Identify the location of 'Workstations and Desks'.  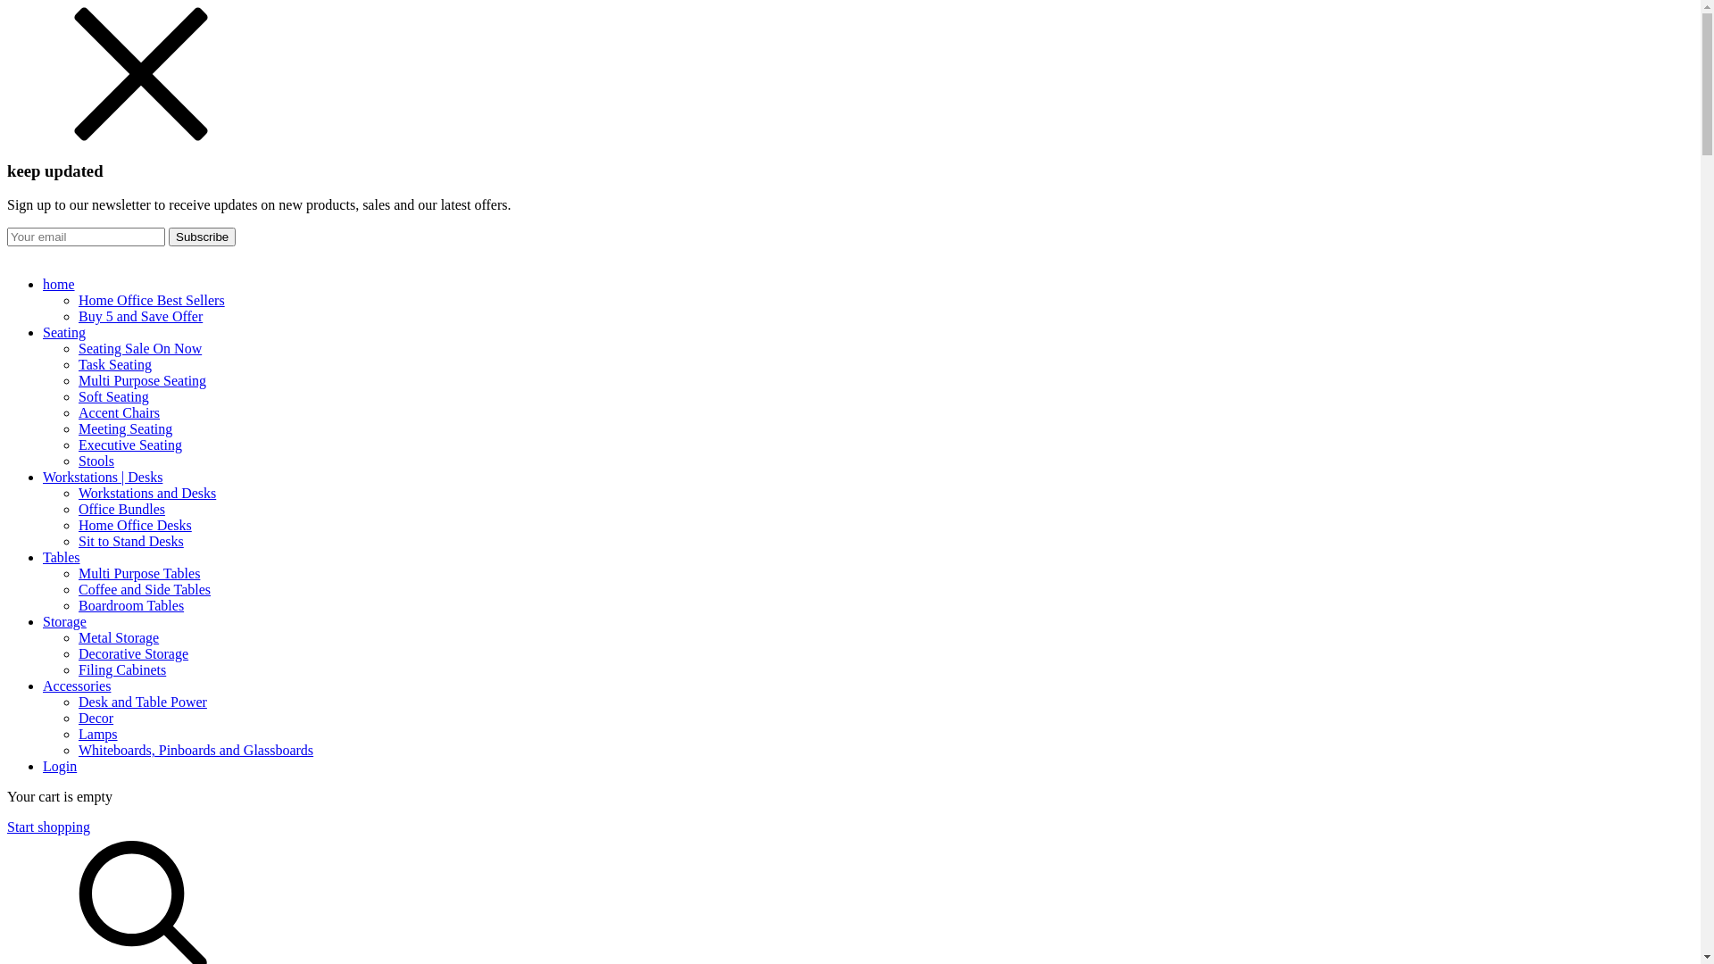
(77, 493).